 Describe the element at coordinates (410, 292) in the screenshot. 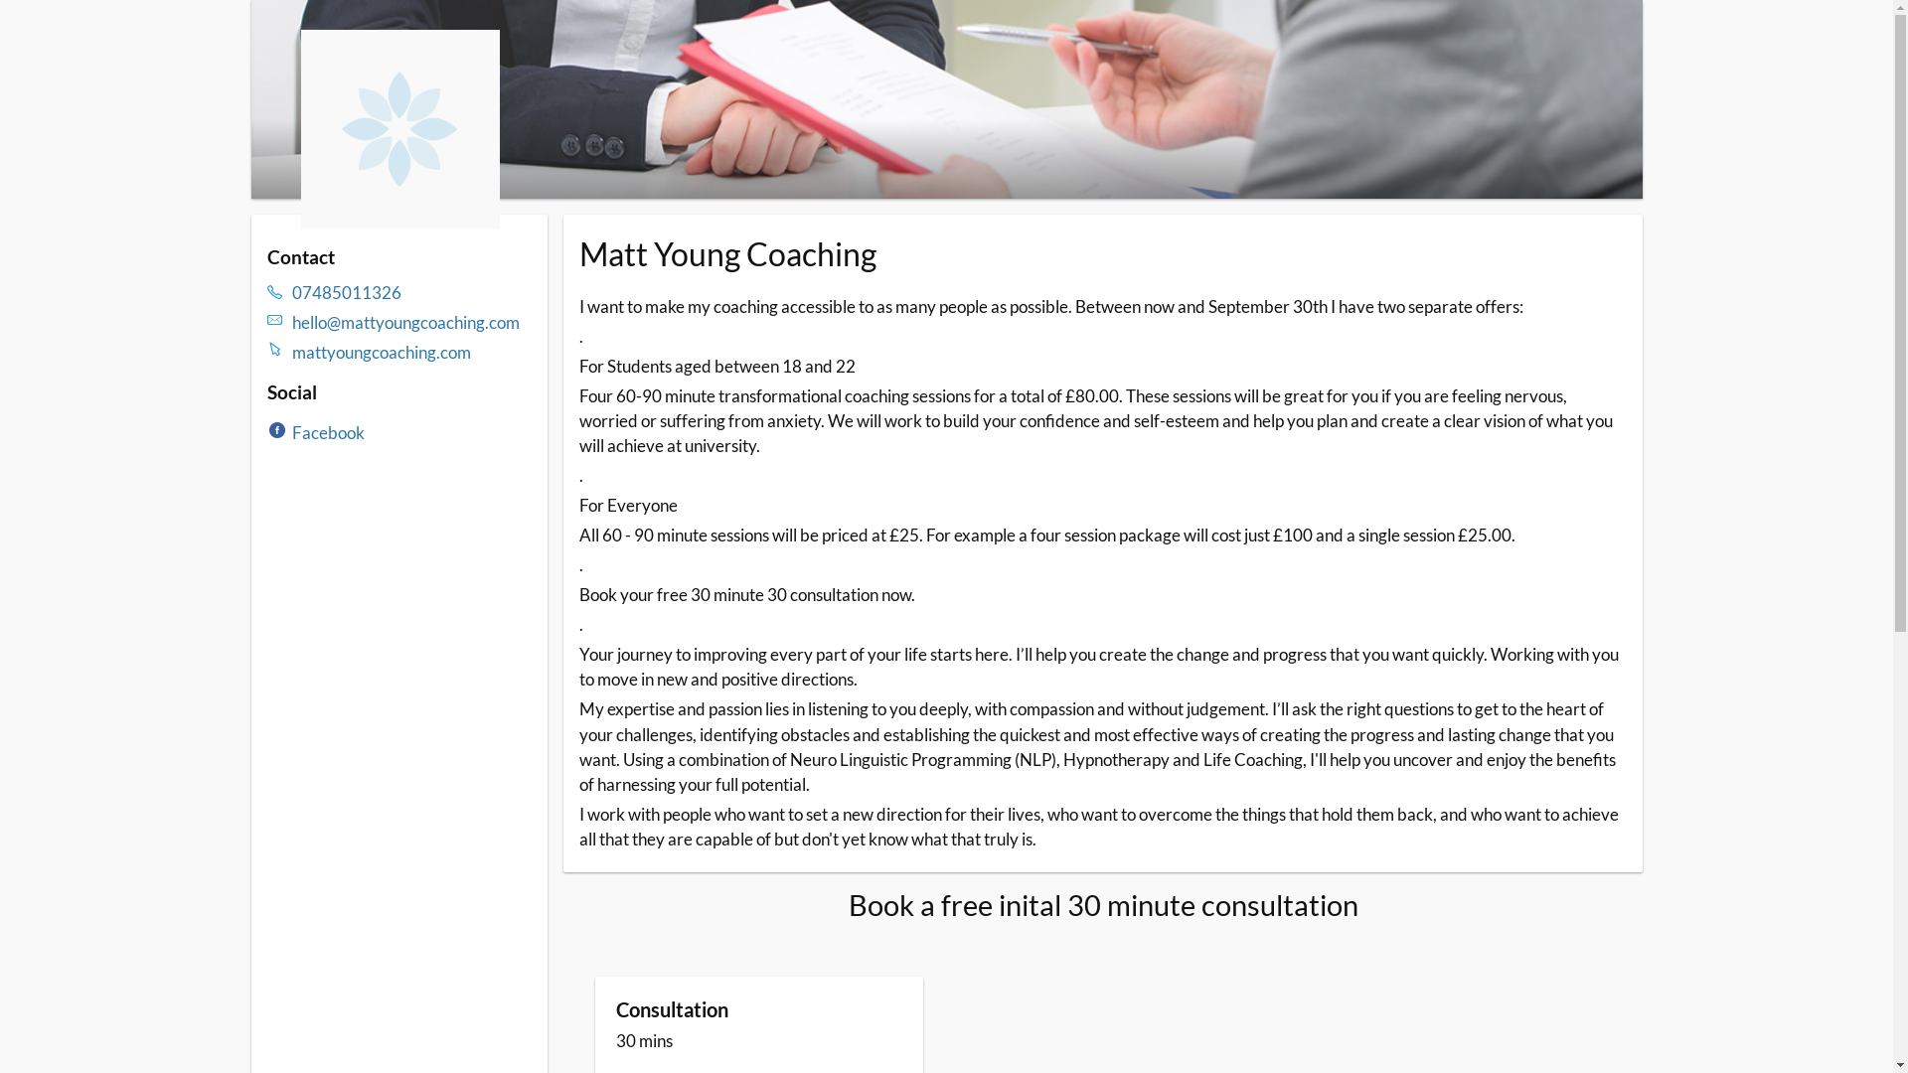

I see `'07485011326'` at that location.